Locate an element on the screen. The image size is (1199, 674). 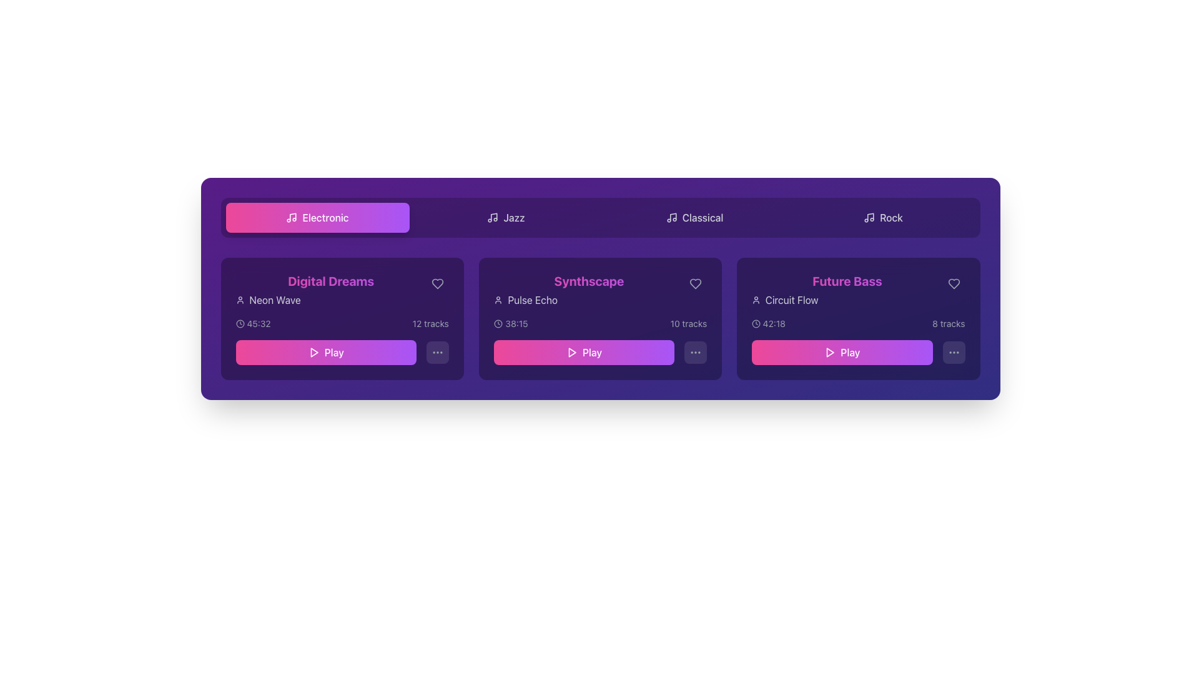
the music note icon located in the horizontal menu bar, positioned between the 'Electronic' and 'Classical' tabs, and aligned to the left of the 'Jazz' label is located at coordinates (492, 217).